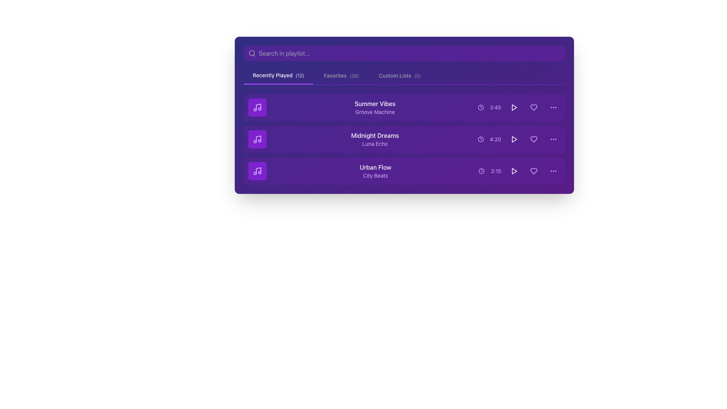 The image size is (727, 409). What do you see at coordinates (341, 76) in the screenshot?
I see `the button labeled 'Favorites (28)'` at bounding box center [341, 76].